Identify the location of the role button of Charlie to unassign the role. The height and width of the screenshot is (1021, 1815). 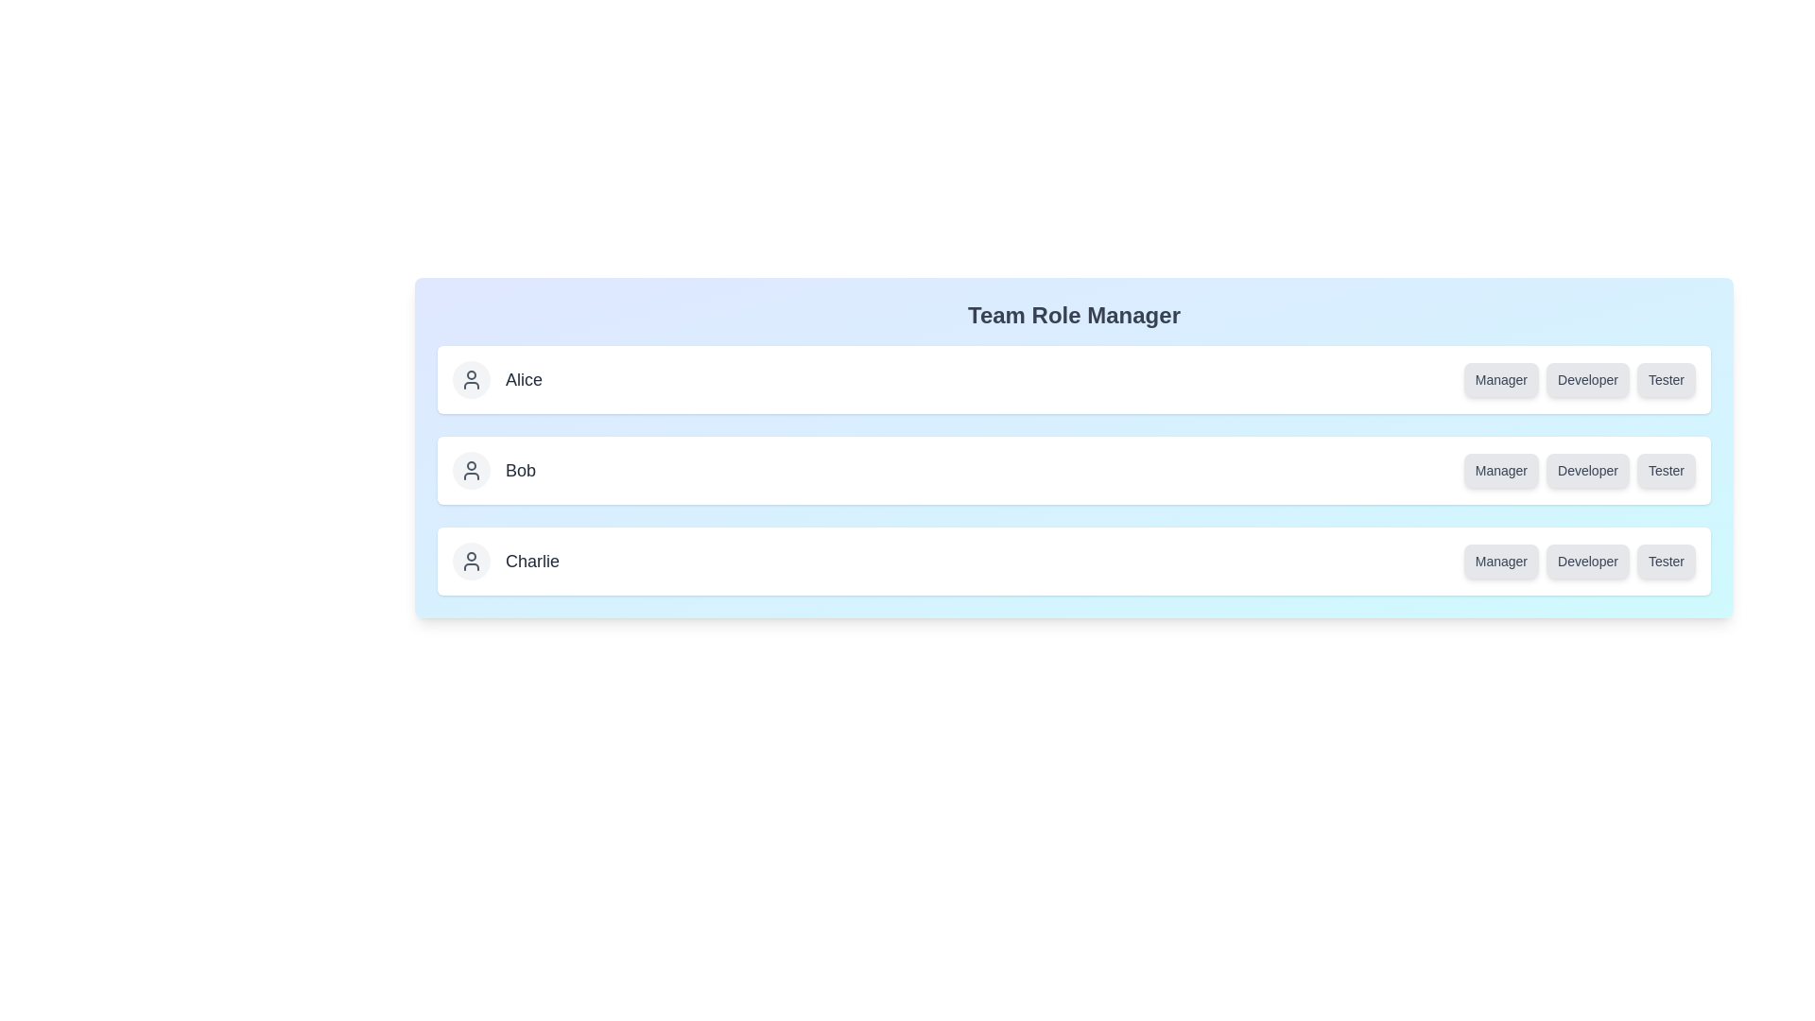
(1500, 561).